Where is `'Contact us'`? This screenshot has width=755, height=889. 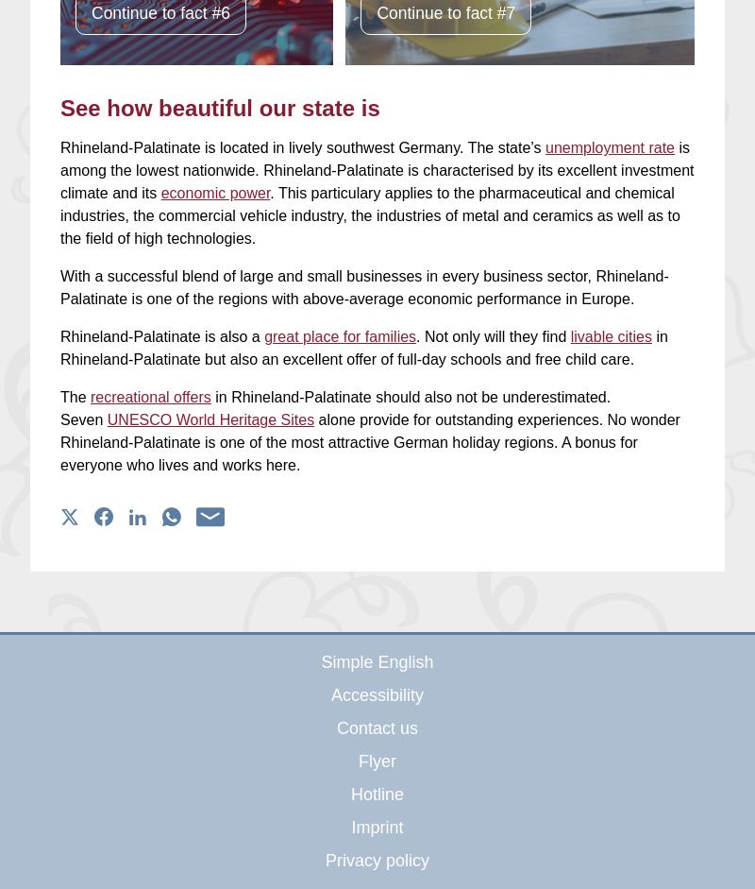
'Contact us' is located at coordinates (336, 727).